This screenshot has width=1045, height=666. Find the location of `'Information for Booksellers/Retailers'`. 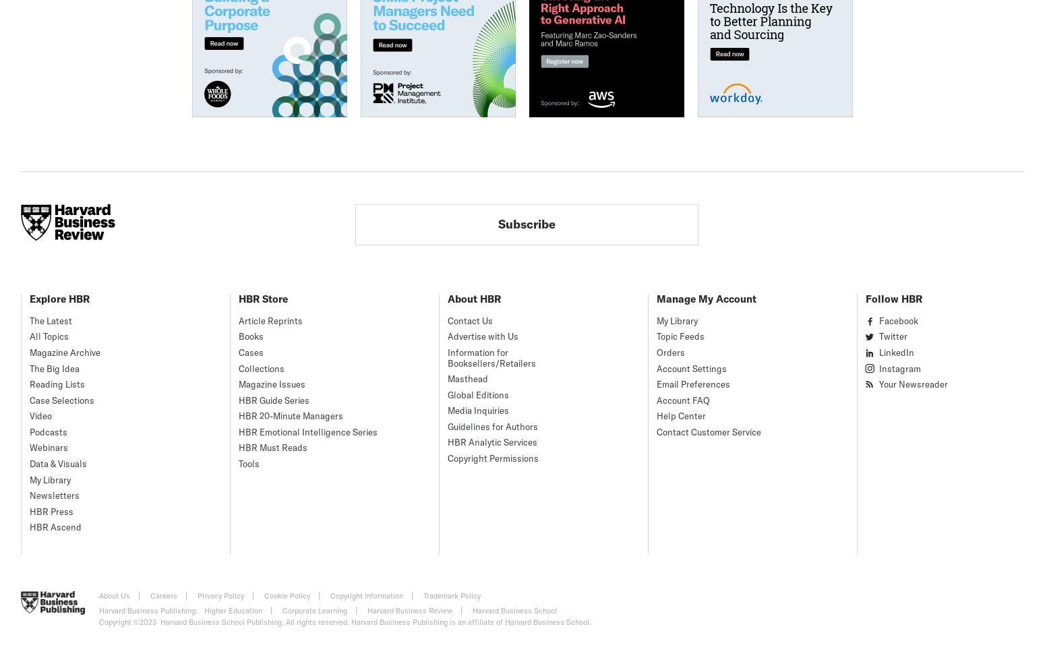

'Information for Booksellers/Retailers' is located at coordinates (491, 356).